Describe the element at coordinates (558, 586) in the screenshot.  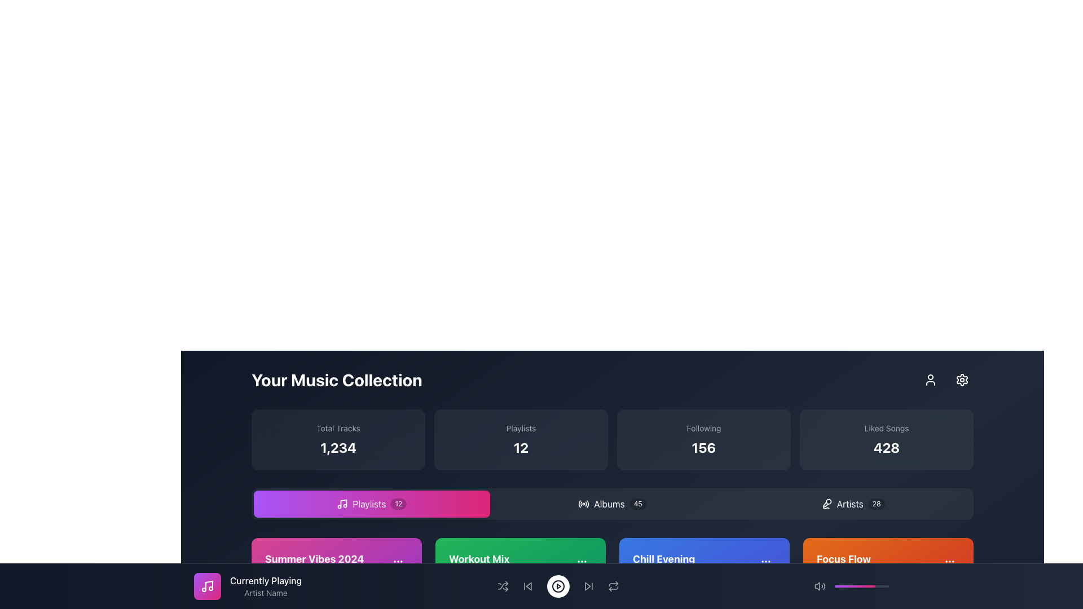
I see `the play/pause button in the bottom control bar to interact` at that location.